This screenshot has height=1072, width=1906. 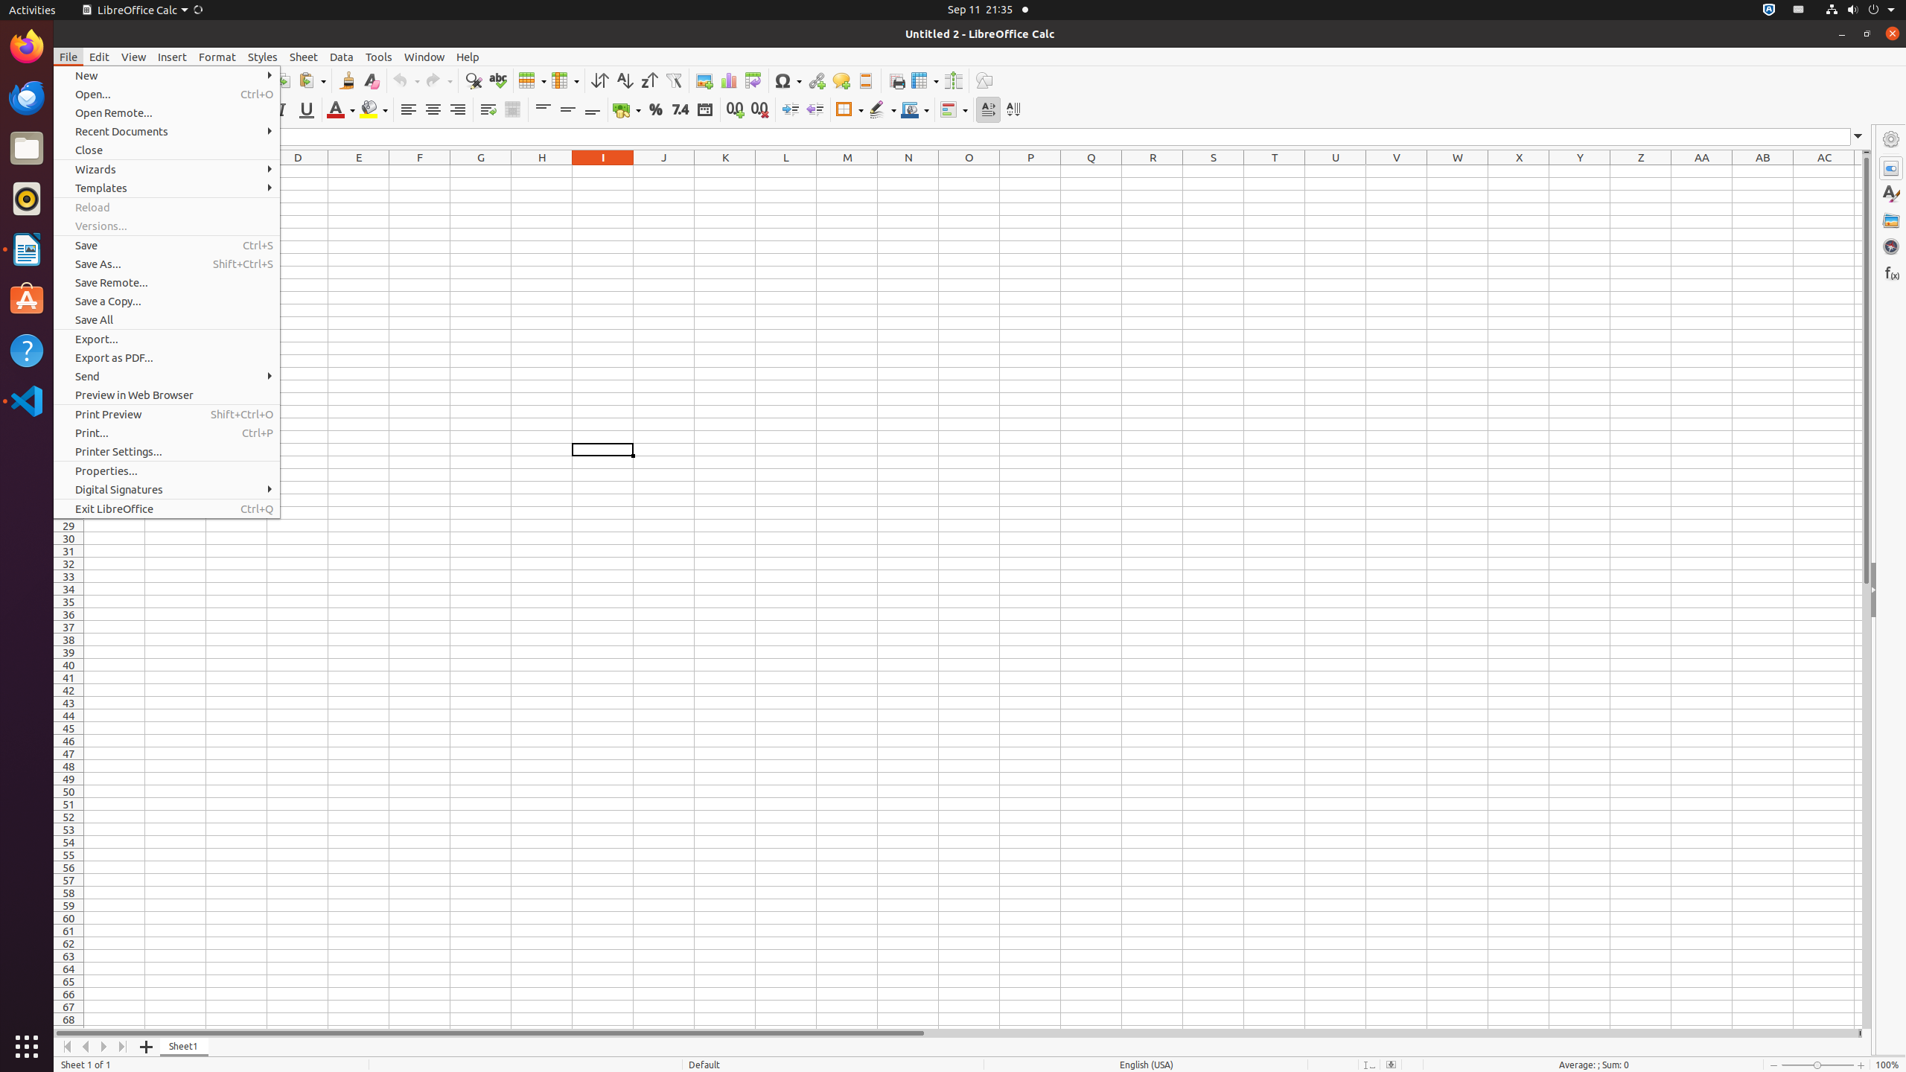 What do you see at coordinates (67, 57) in the screenshot?
I see `'File'` at bounding box center [67, 57].